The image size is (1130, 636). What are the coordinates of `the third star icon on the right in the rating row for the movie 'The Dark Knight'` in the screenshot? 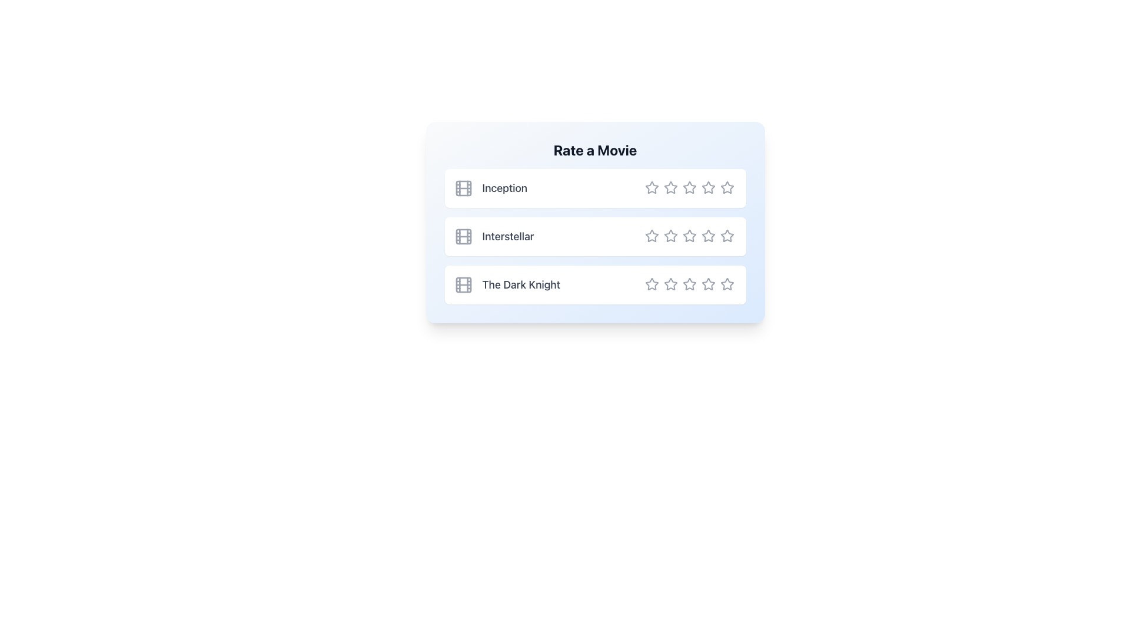 It's located at (689, 284).